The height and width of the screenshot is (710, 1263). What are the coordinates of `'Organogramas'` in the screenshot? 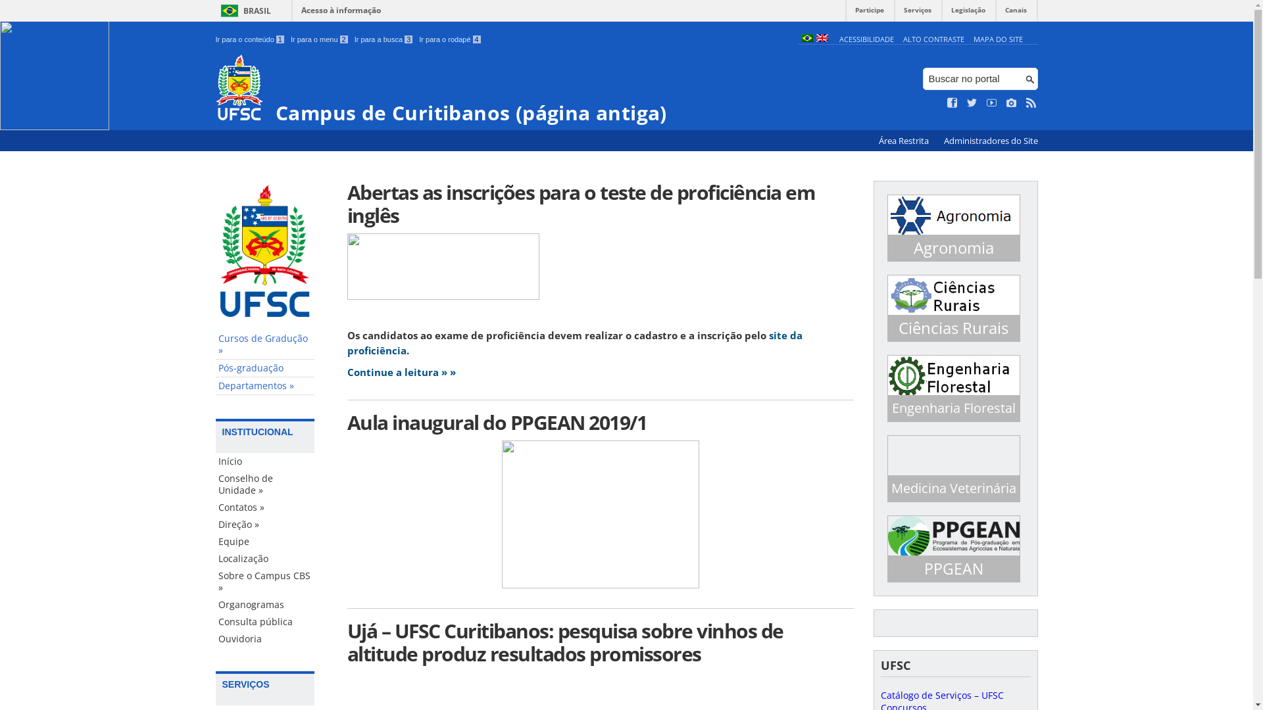 It's located at (264, 605).